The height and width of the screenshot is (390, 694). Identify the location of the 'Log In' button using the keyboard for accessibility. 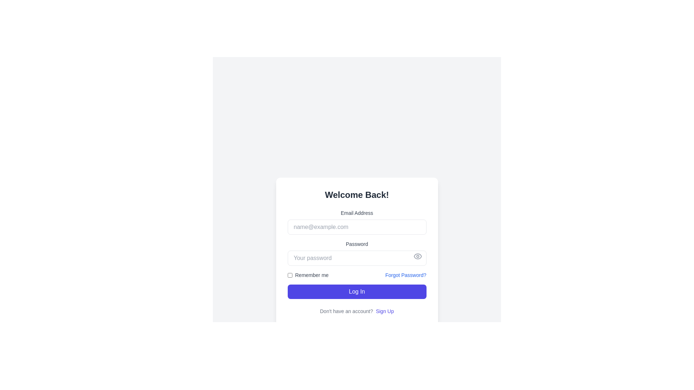
(357, 291).